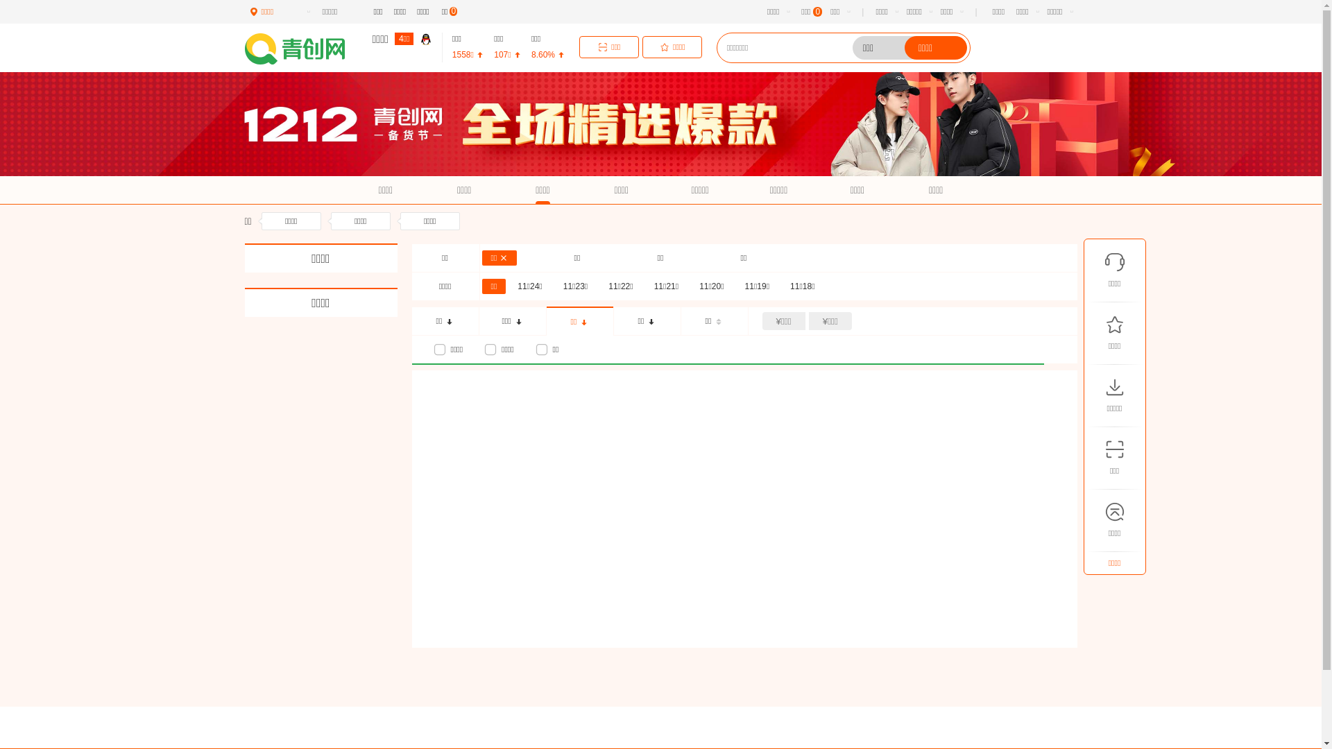 The height and width of the screenshot is (749, 1332). I want to click on '17qcc', so click(244, 48).